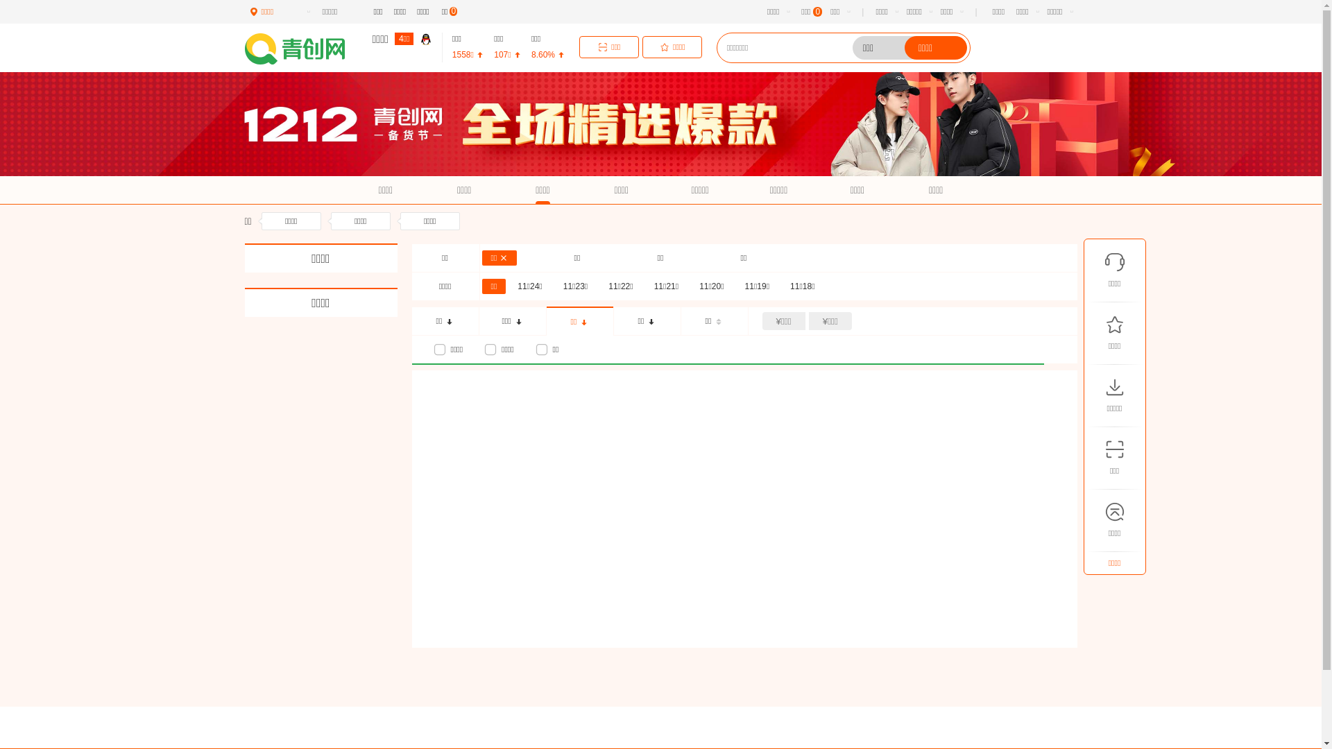 The height and width of the screenshot is (749, 1332). I want to click on '17qcc', so click(244, 48).